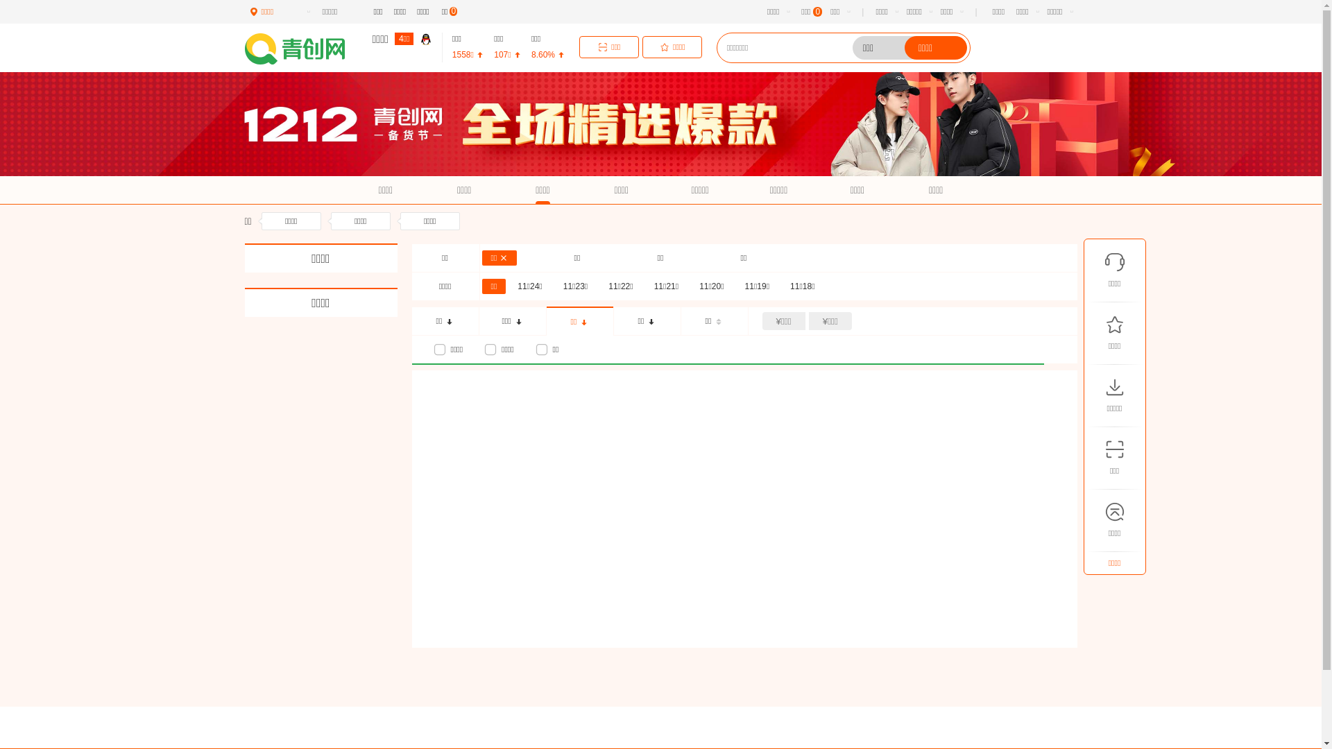 The height and width of the screenshot is (749, 1332). I want to click on '17qcc', so click(244, 48).